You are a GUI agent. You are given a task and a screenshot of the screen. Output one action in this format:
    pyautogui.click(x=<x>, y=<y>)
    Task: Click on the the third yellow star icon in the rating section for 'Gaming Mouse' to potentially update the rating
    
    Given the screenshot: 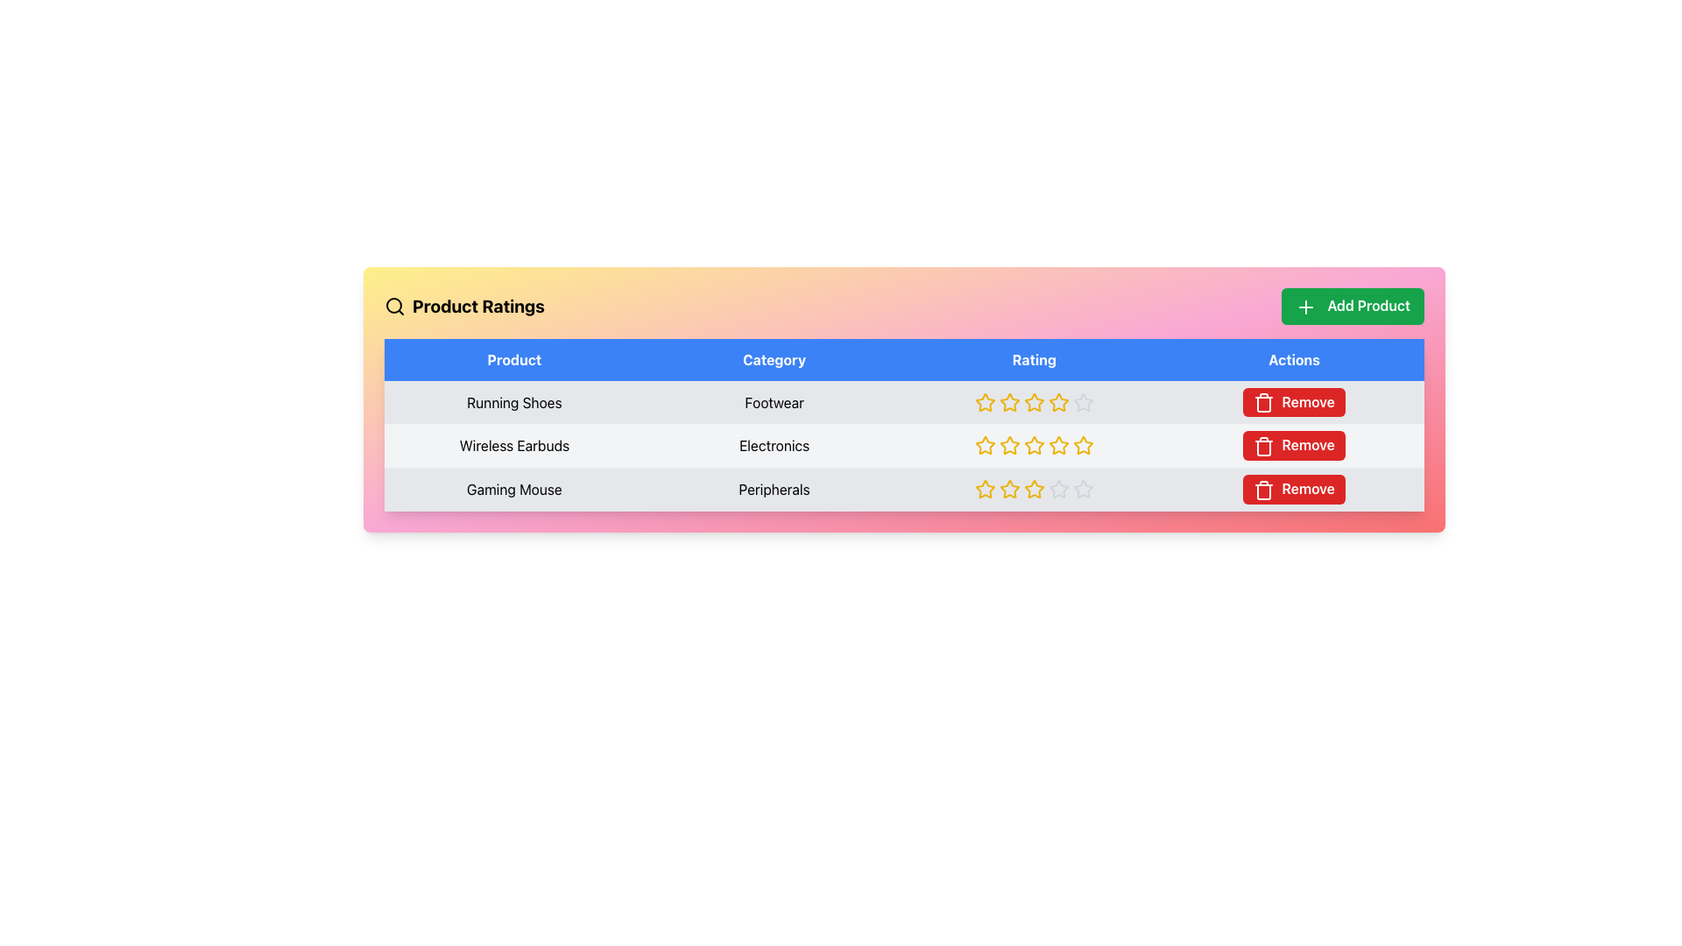 What is the action you would take?
    pyautogui.click(x=1034, y=490)
    